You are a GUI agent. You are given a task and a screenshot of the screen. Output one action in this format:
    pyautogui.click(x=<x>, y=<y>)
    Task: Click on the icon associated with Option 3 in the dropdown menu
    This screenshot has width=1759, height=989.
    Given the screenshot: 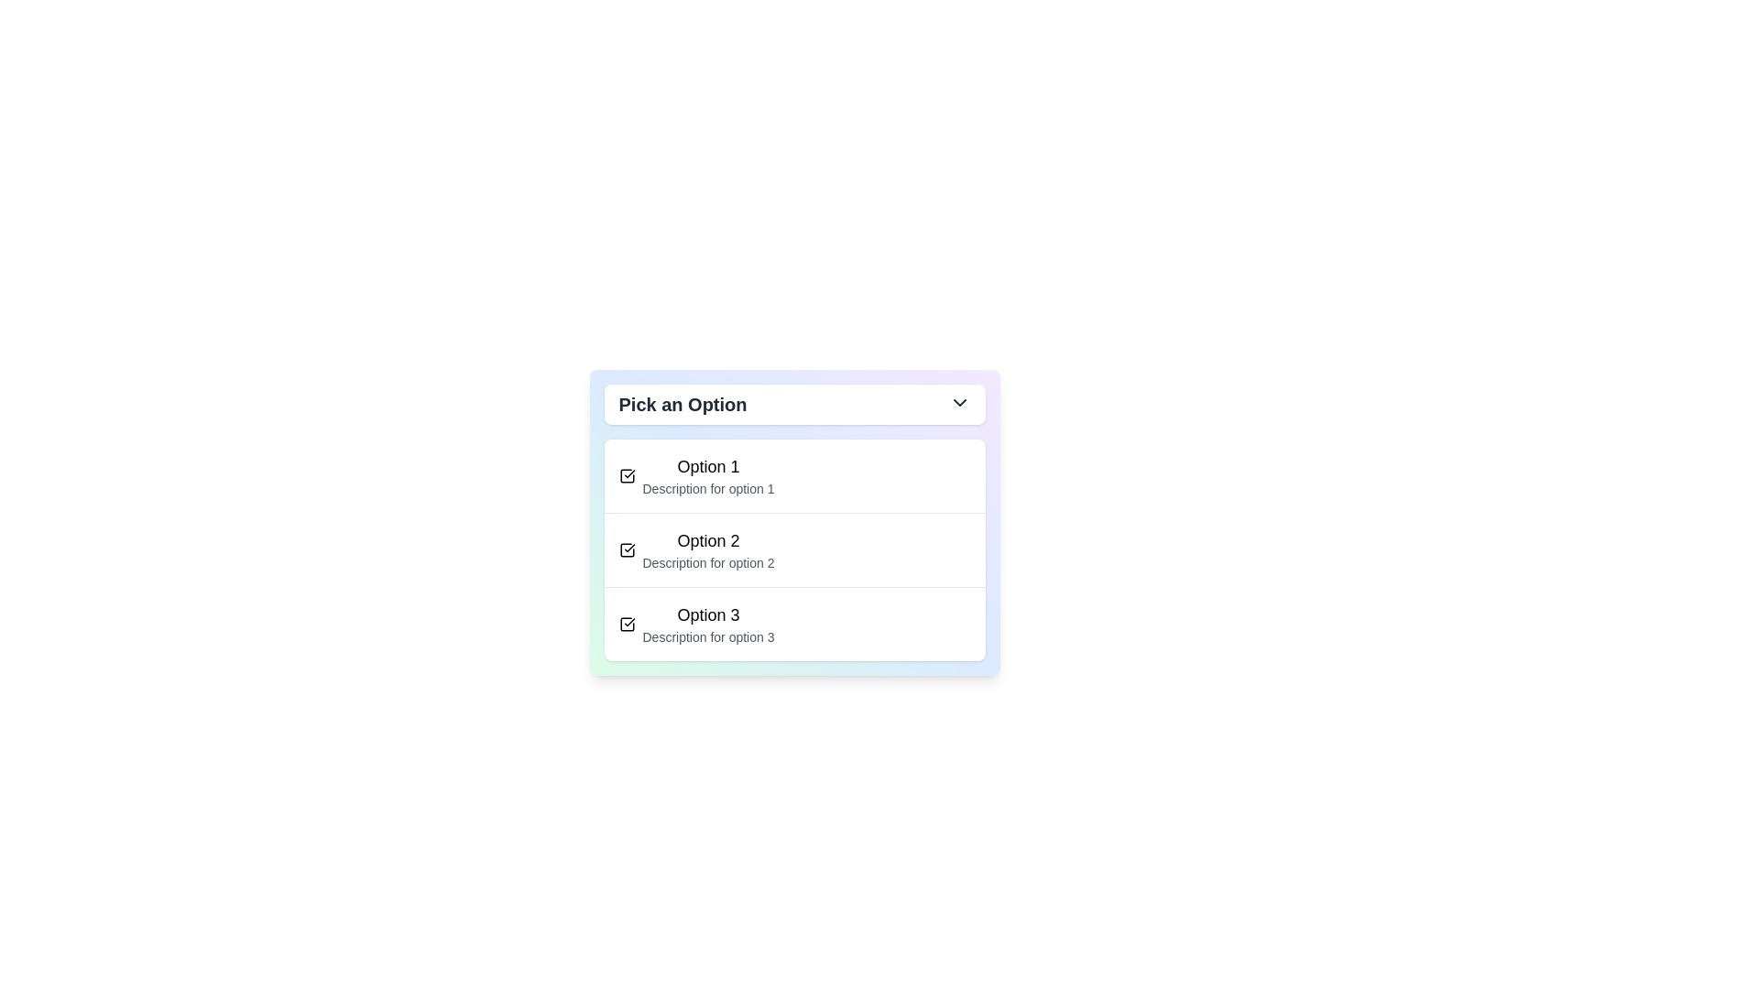 What is the action you would take?
    pyautogui.click(x=627, y=624)
    